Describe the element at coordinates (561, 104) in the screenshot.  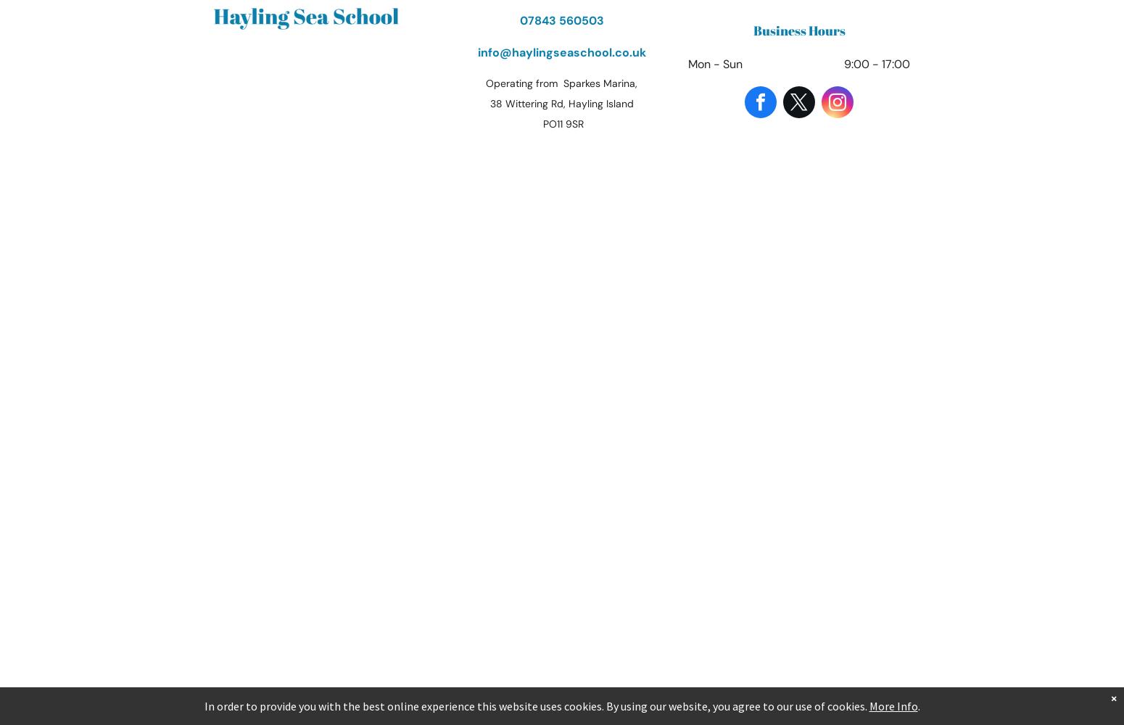
I see `'38 Wittering Rd, Hayling Island'` at that location.